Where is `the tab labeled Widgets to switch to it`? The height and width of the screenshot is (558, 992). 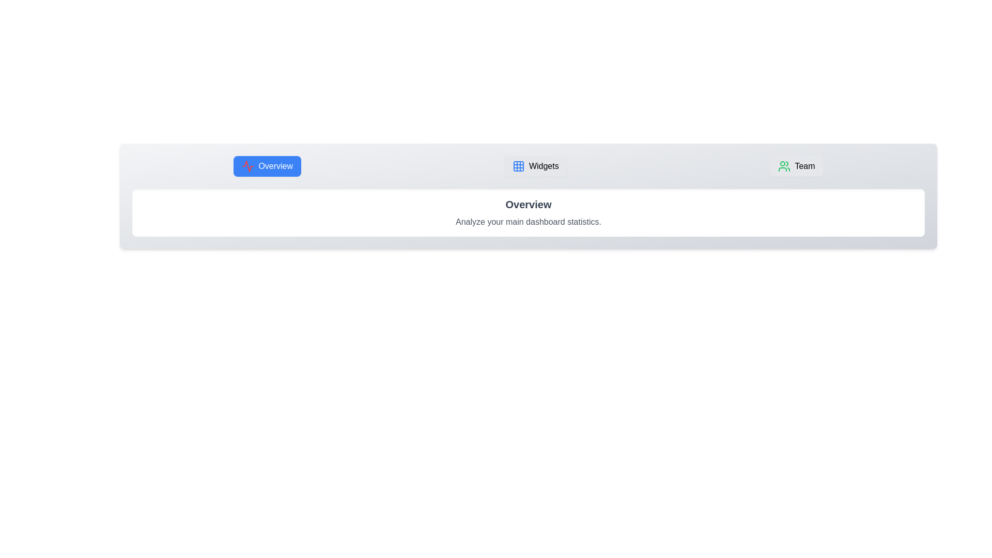
the tab labeled Widgets to switch to it is located at coordinates (535, 165).